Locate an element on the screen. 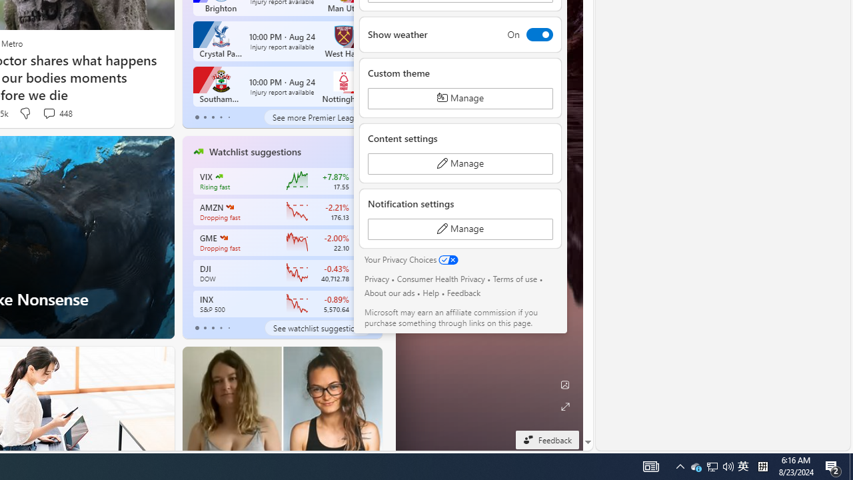  'Watchlist suggestions' is located at coordinates (255, 151).